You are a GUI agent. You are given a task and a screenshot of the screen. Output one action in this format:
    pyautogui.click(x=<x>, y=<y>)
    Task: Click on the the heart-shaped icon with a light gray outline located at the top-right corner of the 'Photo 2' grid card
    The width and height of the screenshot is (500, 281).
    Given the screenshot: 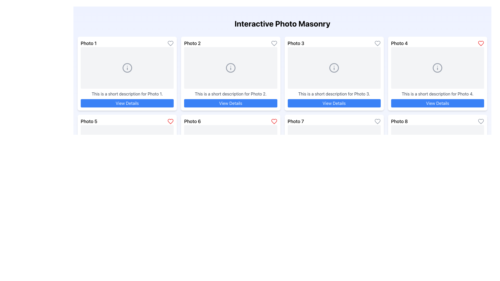 What is the action you would take?
    pyautogui.click(x=274, y=43)
    